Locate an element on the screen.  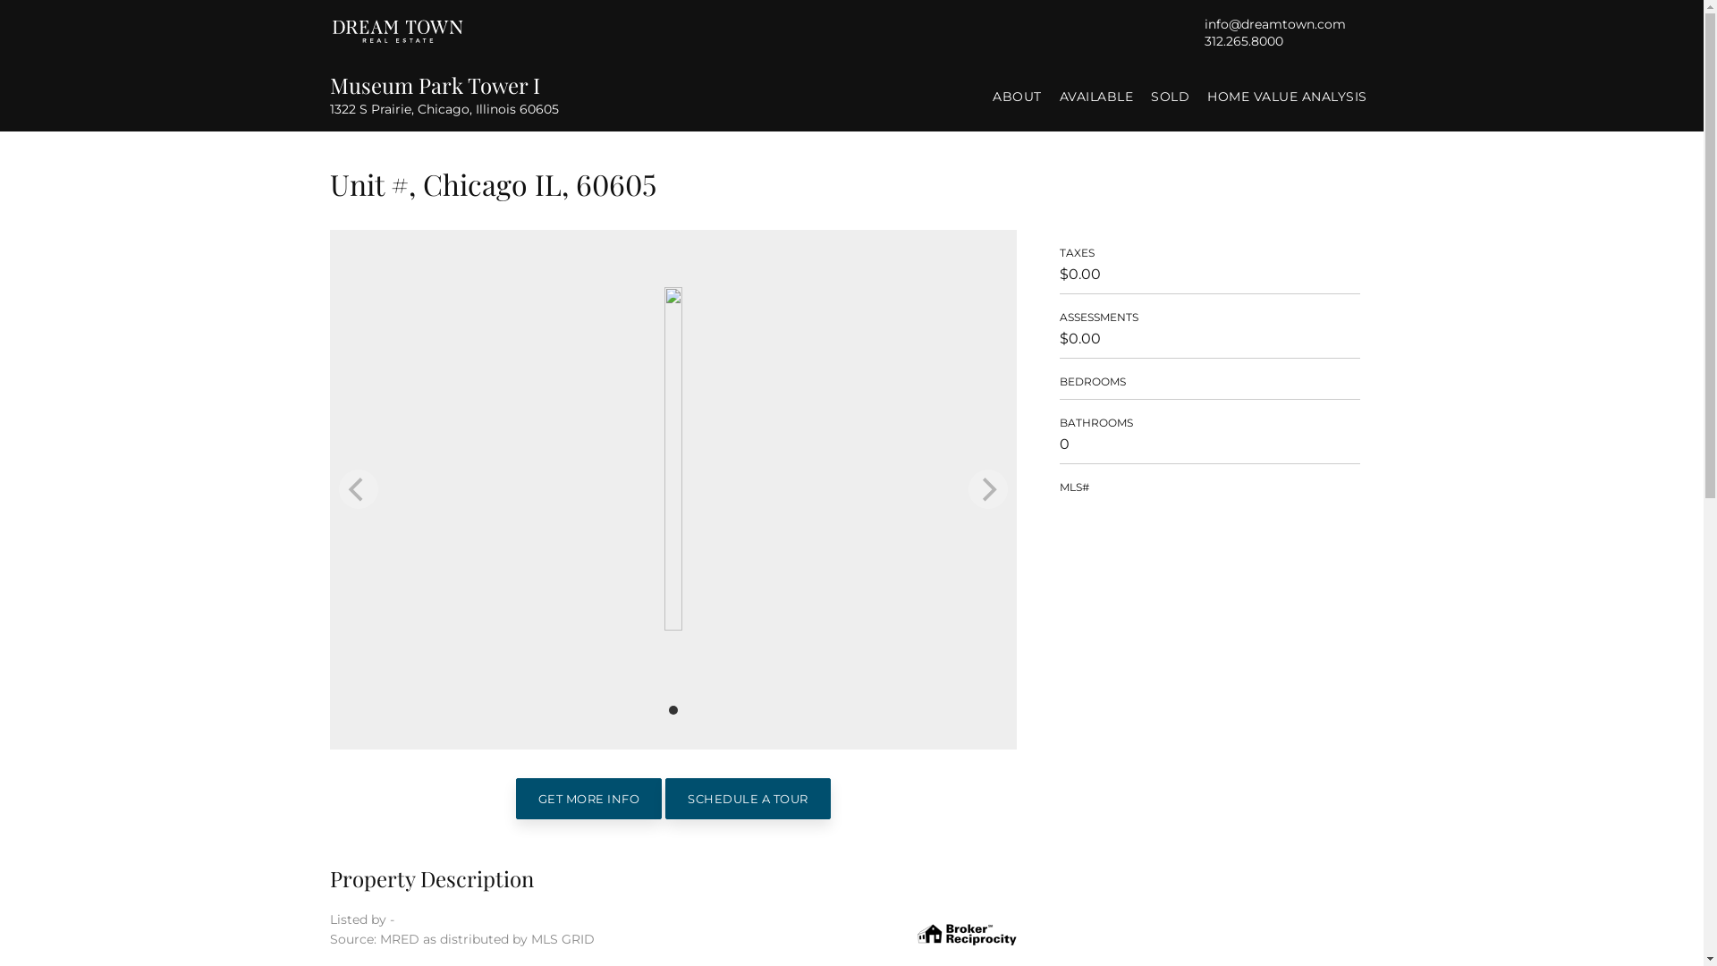
'HOME VALUE ANALYSIS' is located at coordinates (1200, 97).